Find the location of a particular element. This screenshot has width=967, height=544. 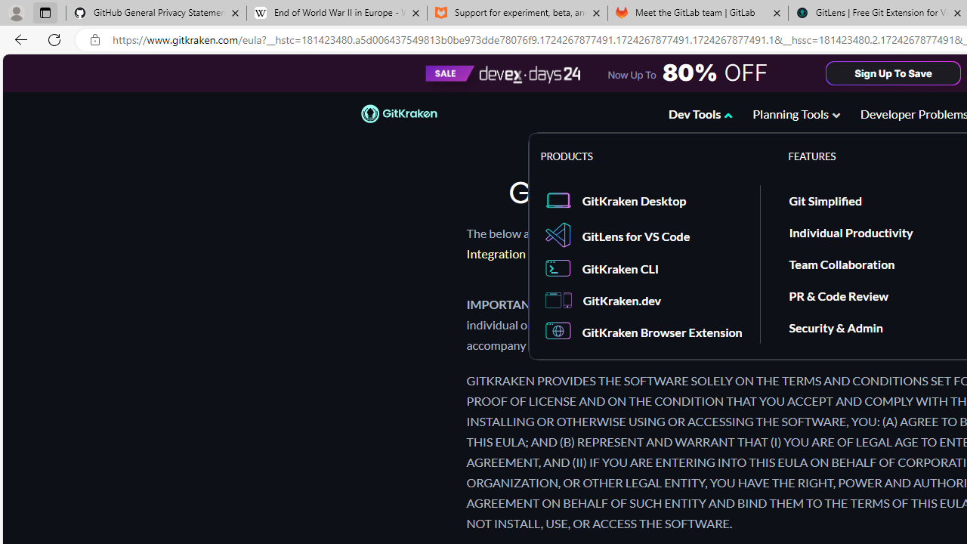

'Security & Admin' is located at coordinates (835, 326).